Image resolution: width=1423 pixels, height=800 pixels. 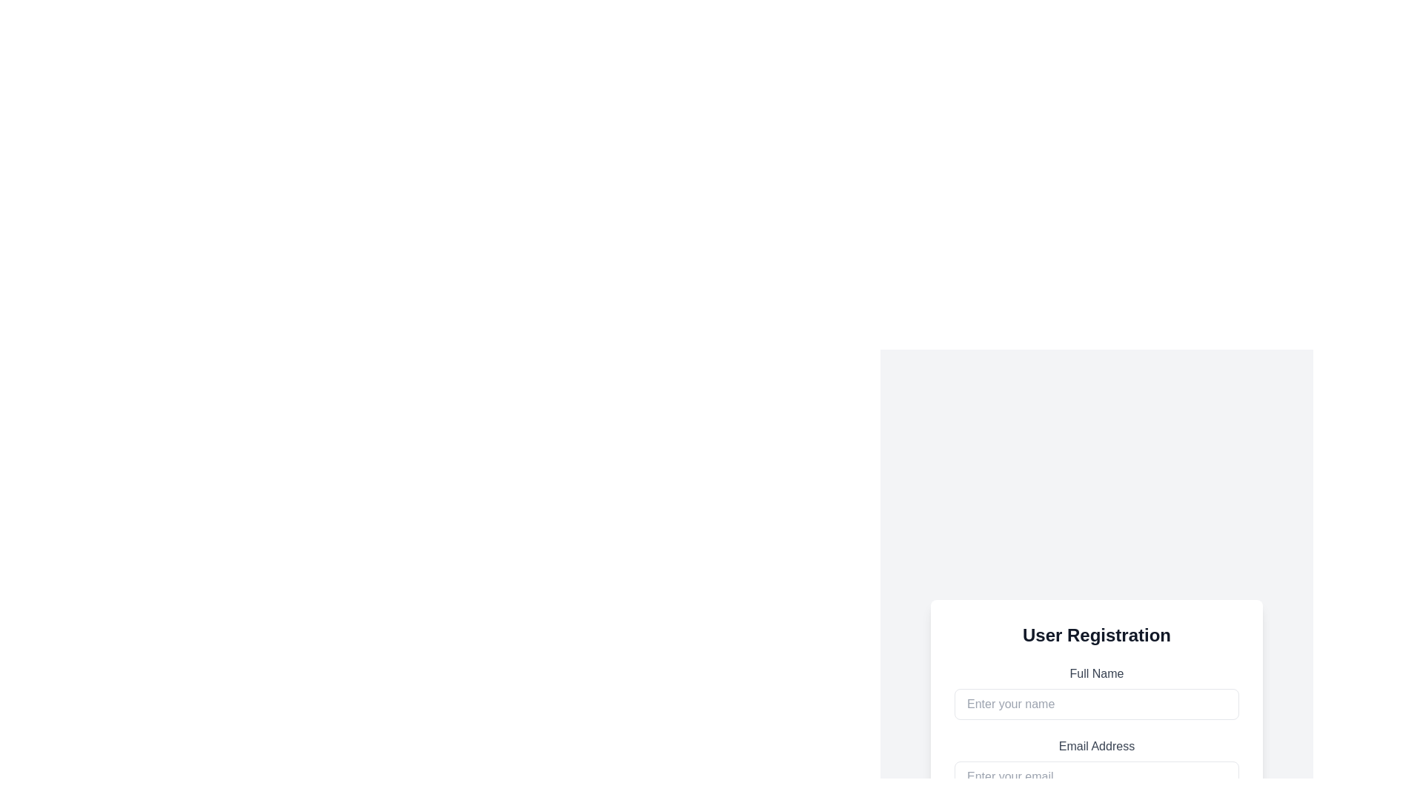 I want to click on the text label reading 'Email Address', which is styled with gray text color and bold font, located above the email input field in the 'User Registration' form, so click(x=1096, y=746).